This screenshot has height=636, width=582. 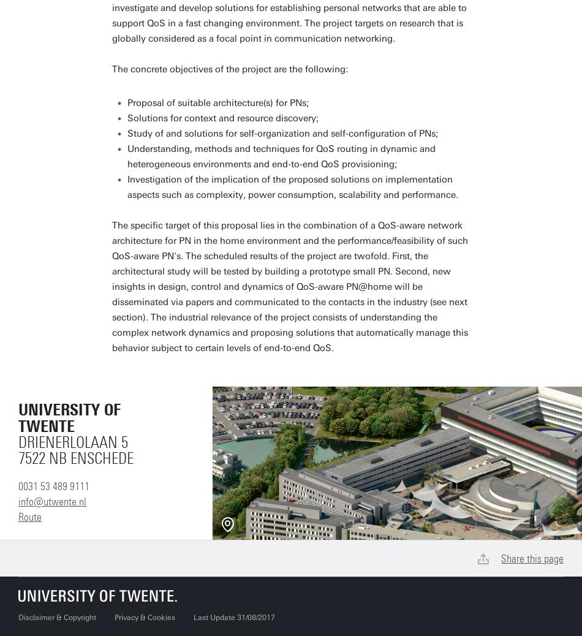 What do you see at coordinates (282, 132) in the screenshot?
I see `'Study of and solutions for self-organization and self-configuration of PNs;'` at bounding box center [282, 132].